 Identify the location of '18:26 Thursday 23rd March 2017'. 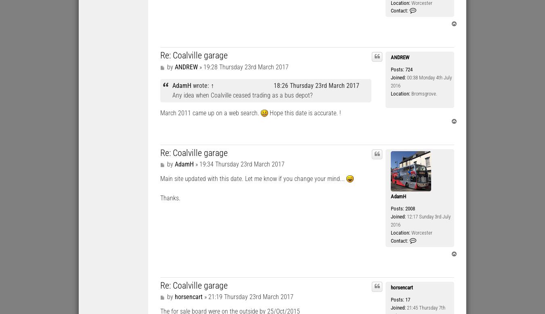
(316, 85).